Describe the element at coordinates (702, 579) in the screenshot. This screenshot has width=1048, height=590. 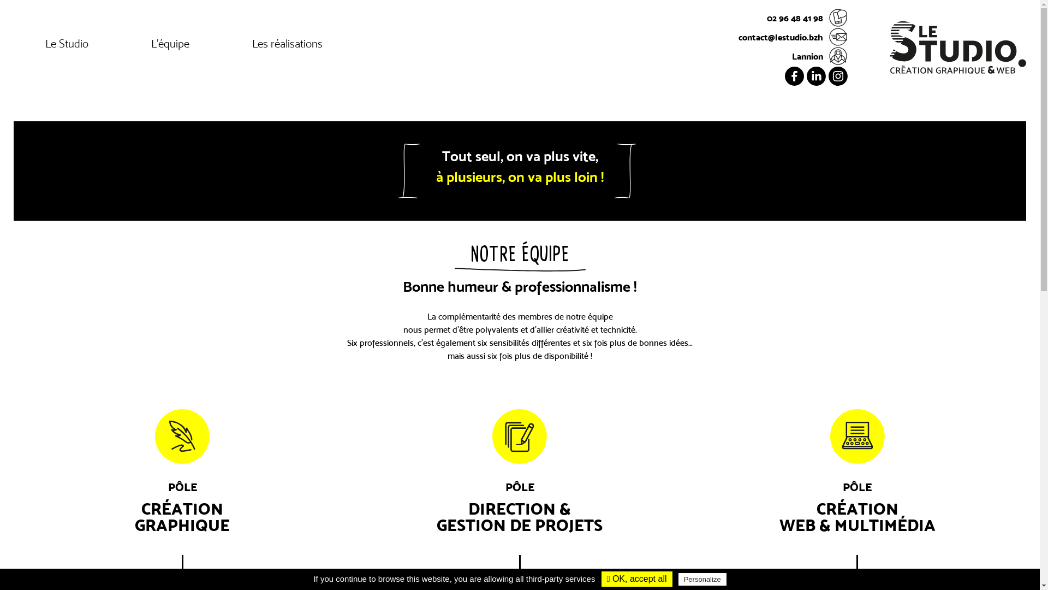
I see `'Personalize'` at that location.